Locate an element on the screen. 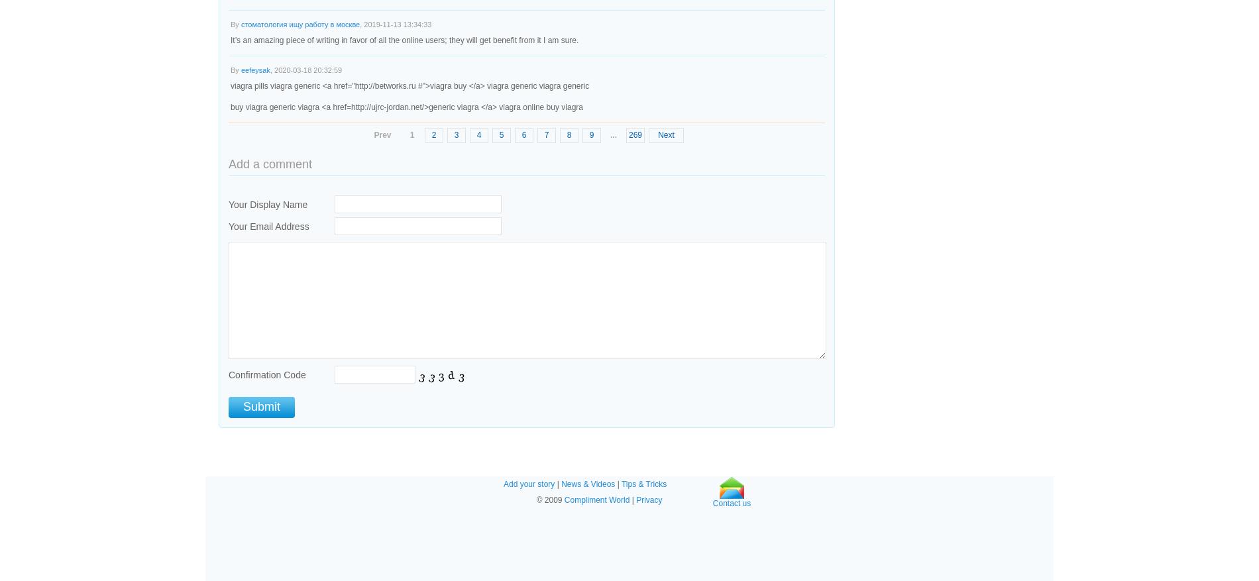 This screenshot has height=581, width=1259. 'Add a comment' is located at coordinates (269, 164).